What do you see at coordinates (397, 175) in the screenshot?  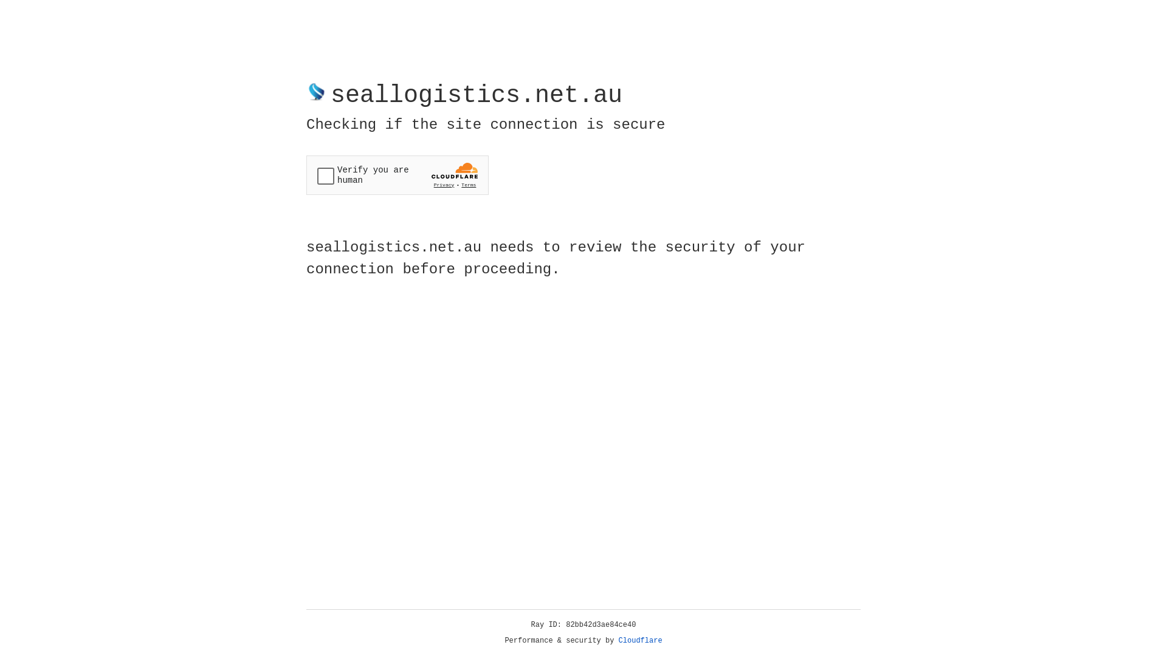 I see `'Widget containing a Cloudflare security challenge'` at bounding box center [397, 175].